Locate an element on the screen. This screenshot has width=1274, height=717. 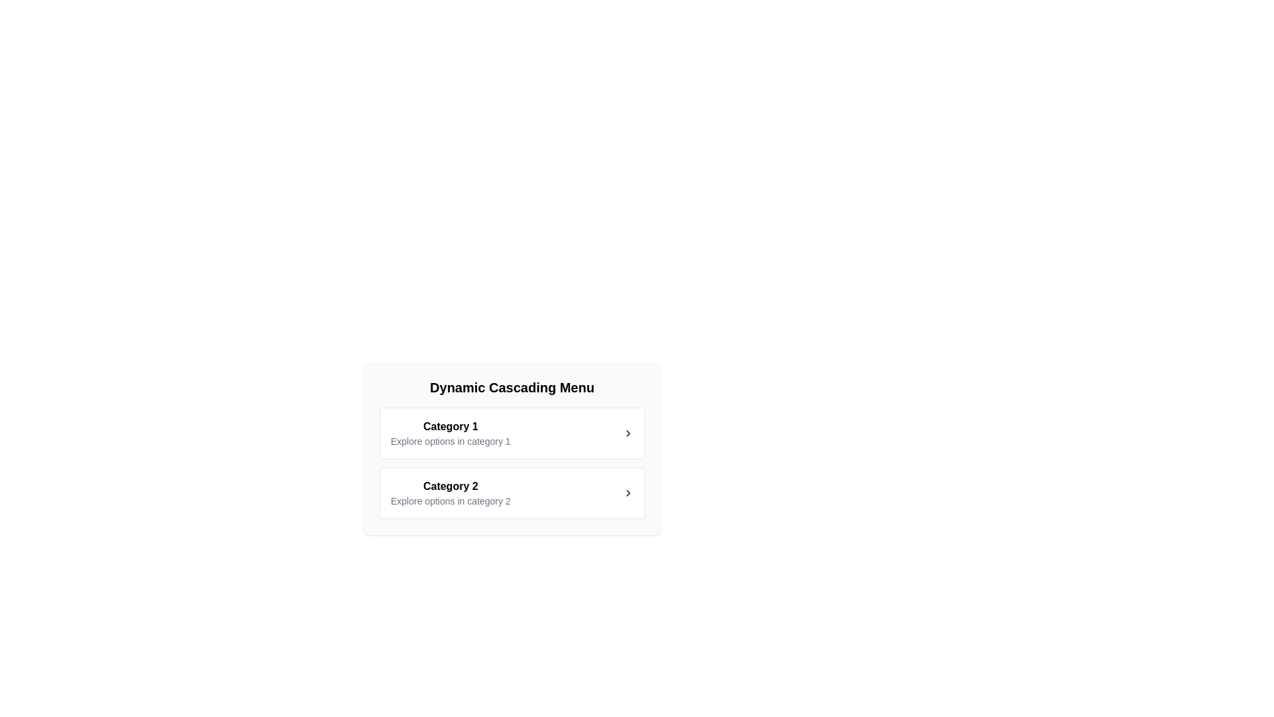
the explanatory text label located below the 'Category 2' title in the dynamic cascading menu is located at coordinates (451, 501).